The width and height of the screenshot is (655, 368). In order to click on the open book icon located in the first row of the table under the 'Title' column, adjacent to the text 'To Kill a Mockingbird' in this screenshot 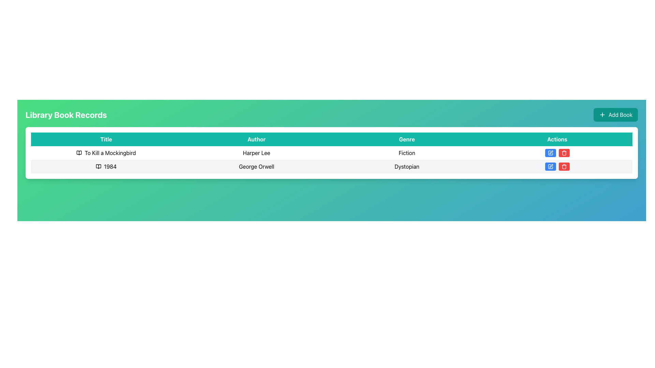, I will do `click(79, 152)`.